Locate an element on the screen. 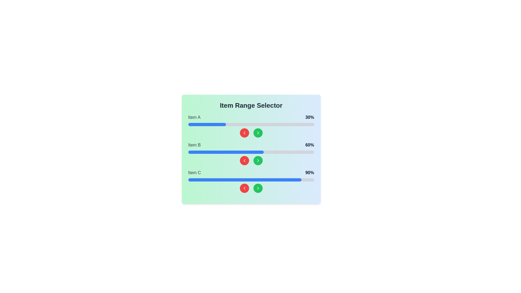  the static text label that identifies the third row as 'Item C', which is non-interactive and purely informational, located below 'Item A' and 'Item B' is located at coordinates (195, 173).